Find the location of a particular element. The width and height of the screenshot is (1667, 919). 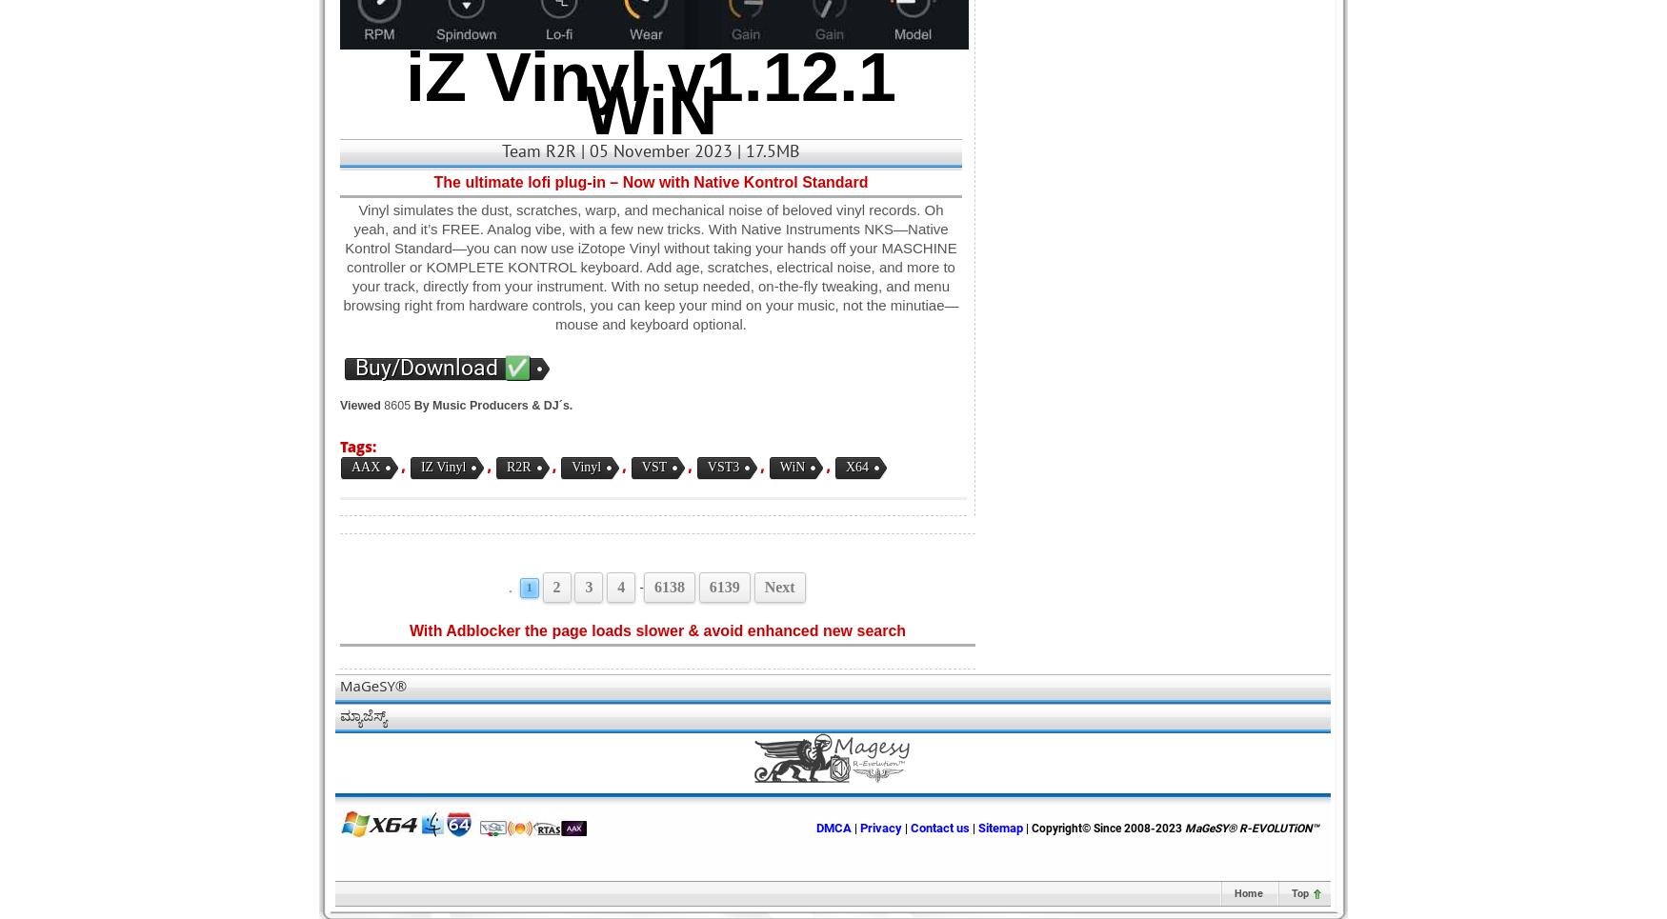

'| Copyright© Since' is located at coordinates (1073, 827).